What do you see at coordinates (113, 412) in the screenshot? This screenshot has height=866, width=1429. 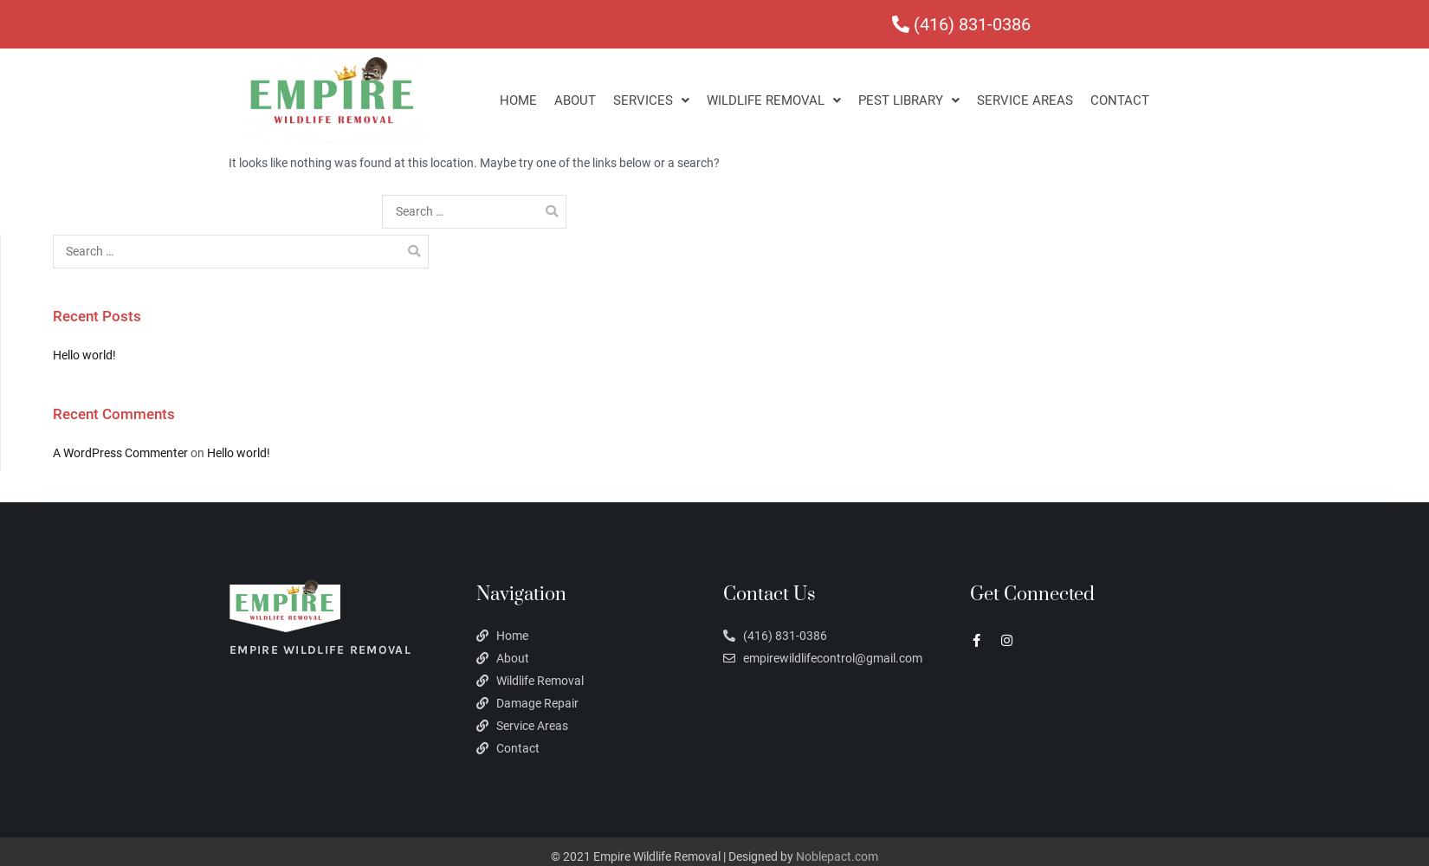 I see `'Recent Comments'` at bounding box center [113, 412].